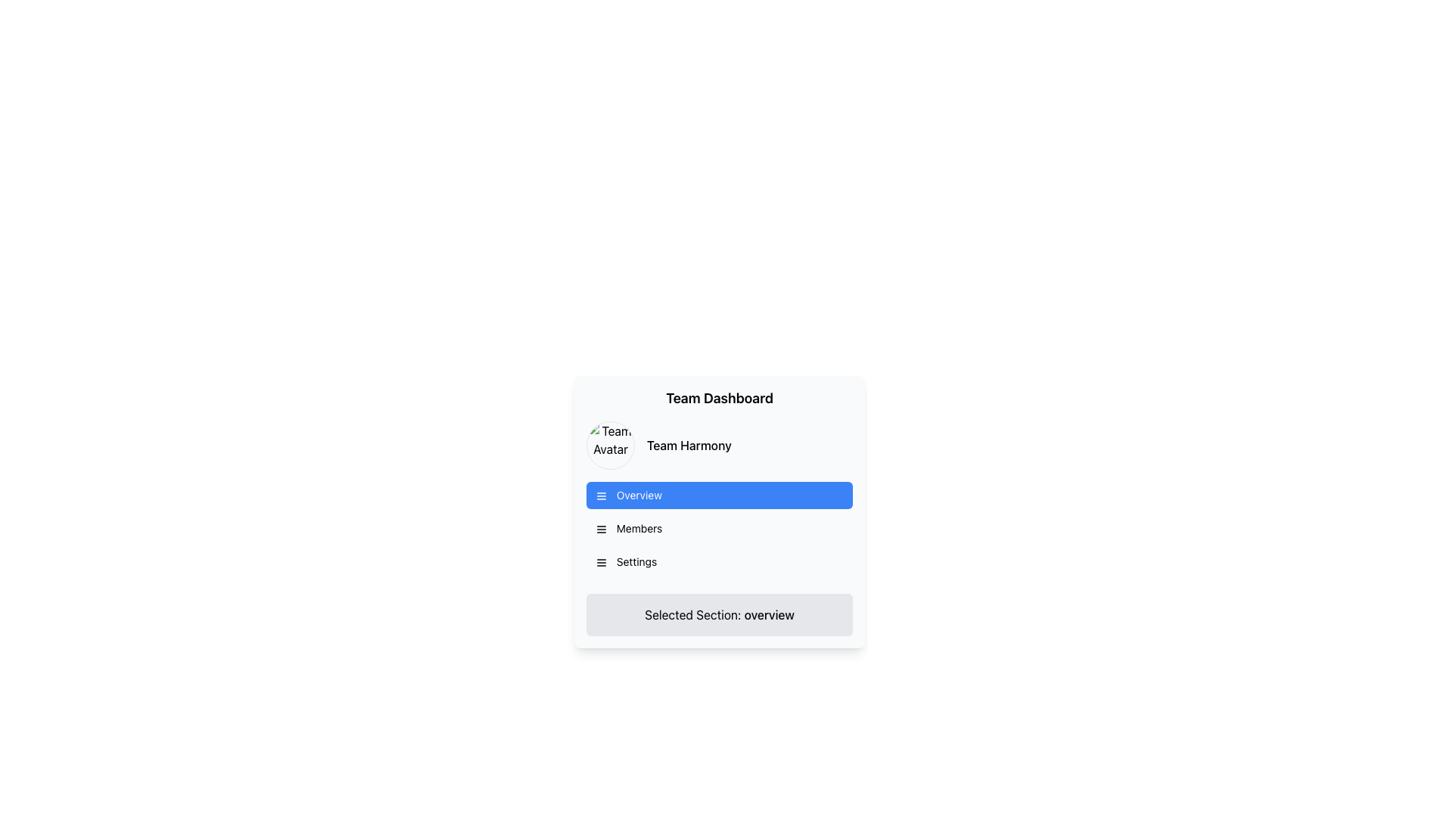 The height and width of the screenshot is (817, 1453). Describe the element at coordinates (718, 495) in the screenshot. I see `the blue rectangular 'Overview' button with rounded corners` at that location.